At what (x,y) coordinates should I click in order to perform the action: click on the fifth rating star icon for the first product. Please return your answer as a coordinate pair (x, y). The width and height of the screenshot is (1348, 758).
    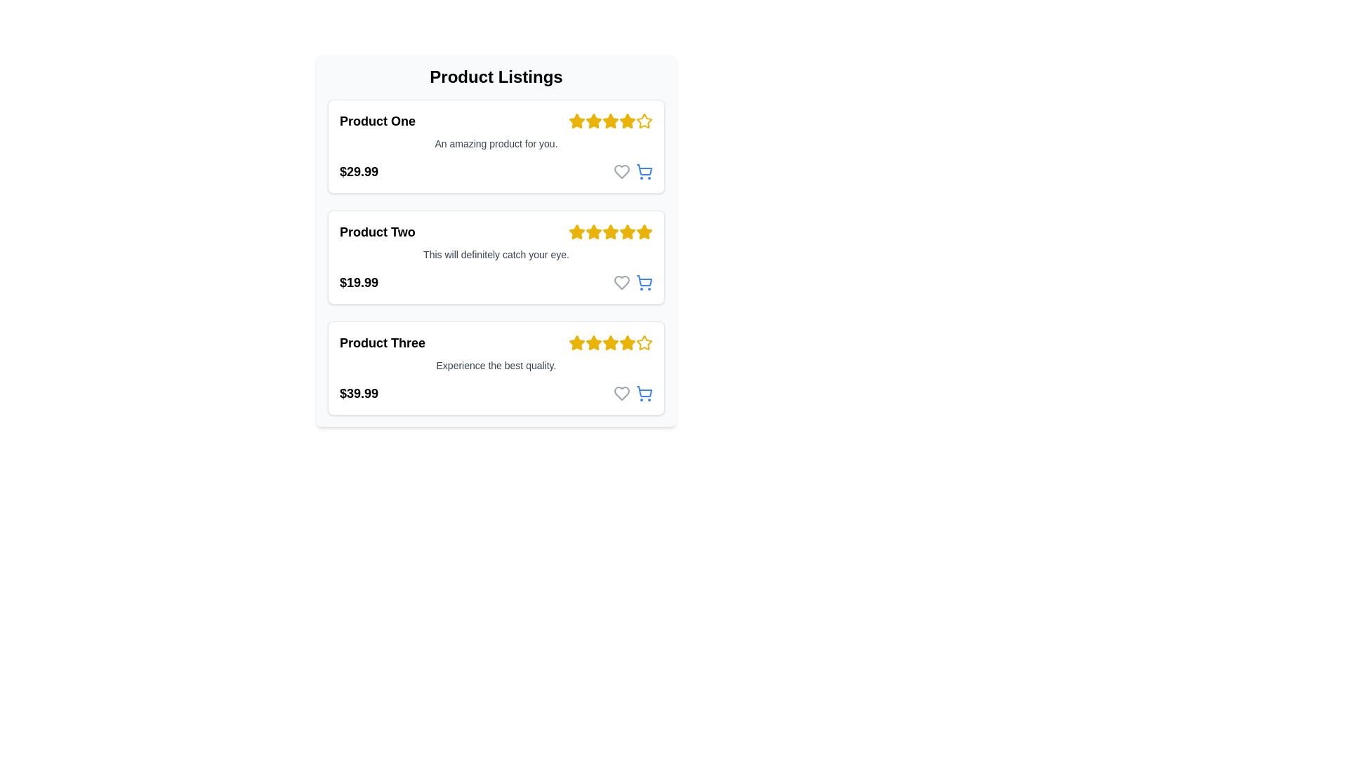
    Looking at the image, I should click on (643, 121).